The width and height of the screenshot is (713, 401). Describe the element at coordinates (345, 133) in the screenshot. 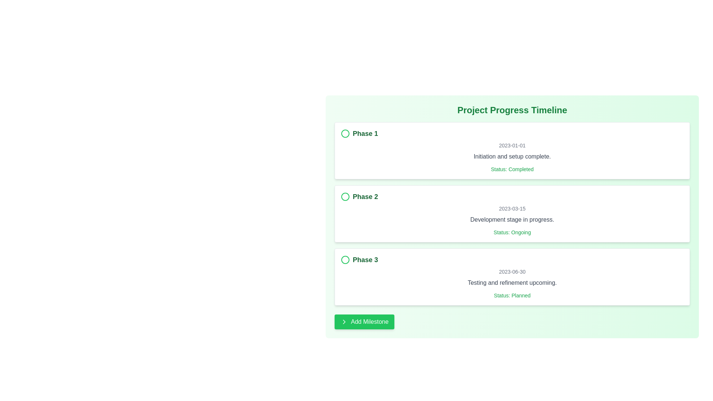

I see `the green circular status indicator located in the top-left section of the timeline interface under 'Phase 1'` at that location.